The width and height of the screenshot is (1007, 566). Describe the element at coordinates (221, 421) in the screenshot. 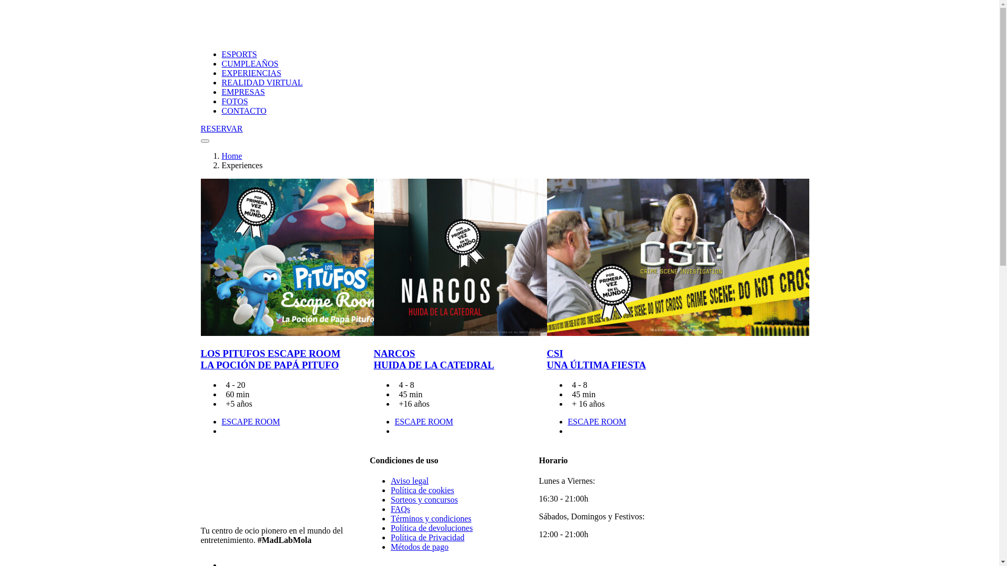

I see `'ESCAPE ROOM'` at that location.